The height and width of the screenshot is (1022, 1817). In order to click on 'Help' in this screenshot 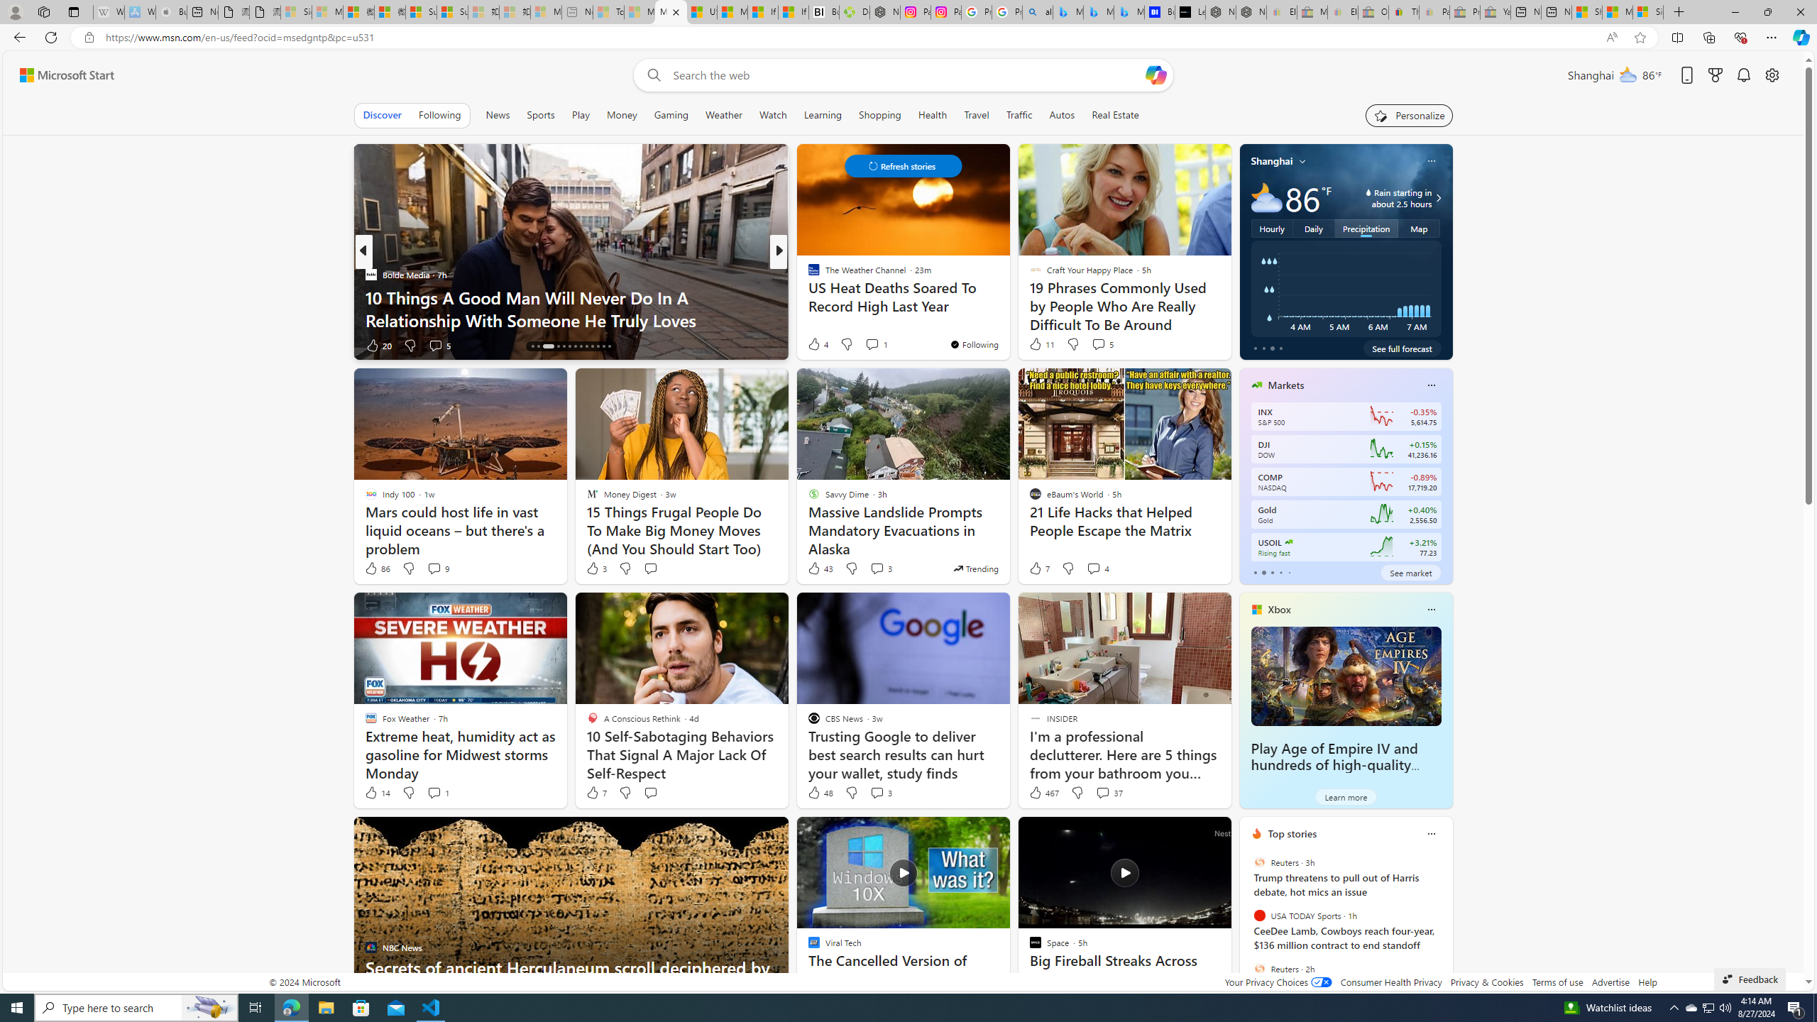, I will do `click(1647, 981)`.